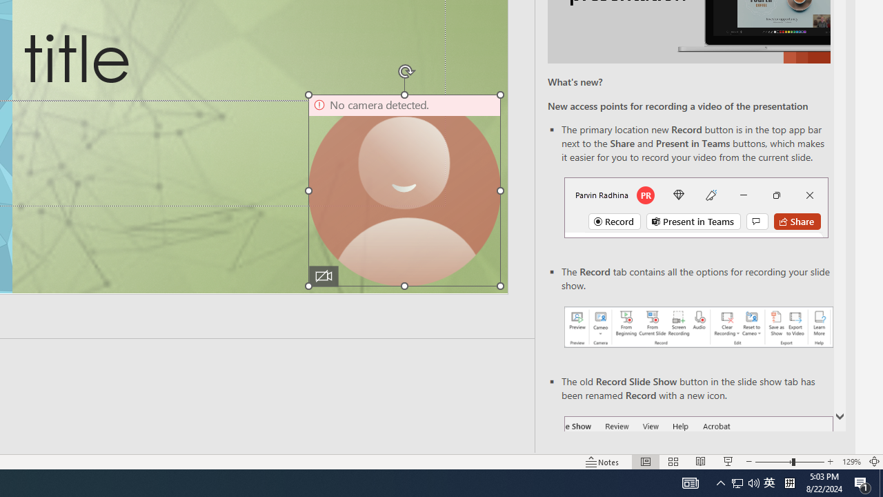 The image size is (883, 497). I want to click on 'Reading View', so click(700, 462).